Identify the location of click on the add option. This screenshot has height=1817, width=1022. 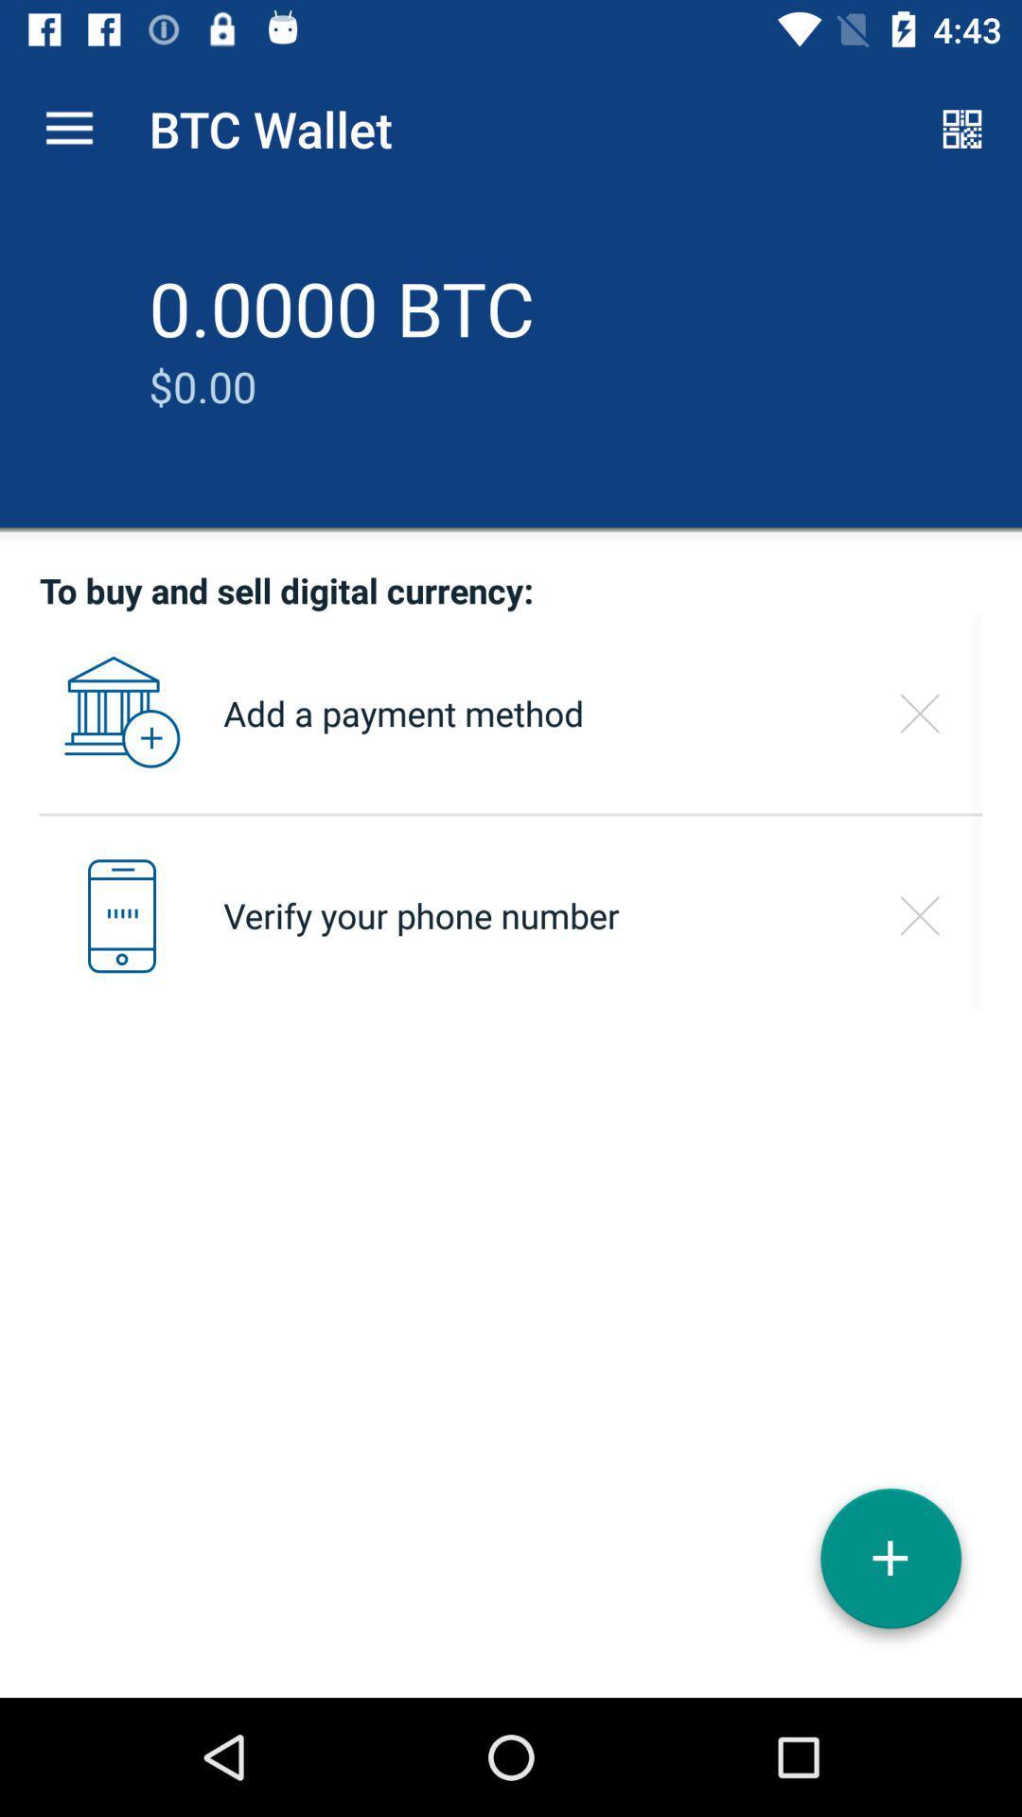
(890, 1565).